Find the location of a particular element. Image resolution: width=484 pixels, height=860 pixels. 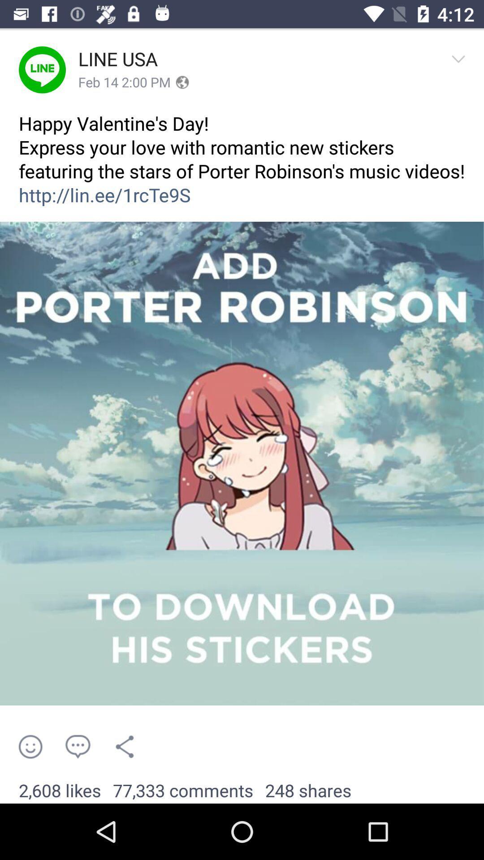

the item to the right of the 77,333 comments is located at coordinates (308, 791).